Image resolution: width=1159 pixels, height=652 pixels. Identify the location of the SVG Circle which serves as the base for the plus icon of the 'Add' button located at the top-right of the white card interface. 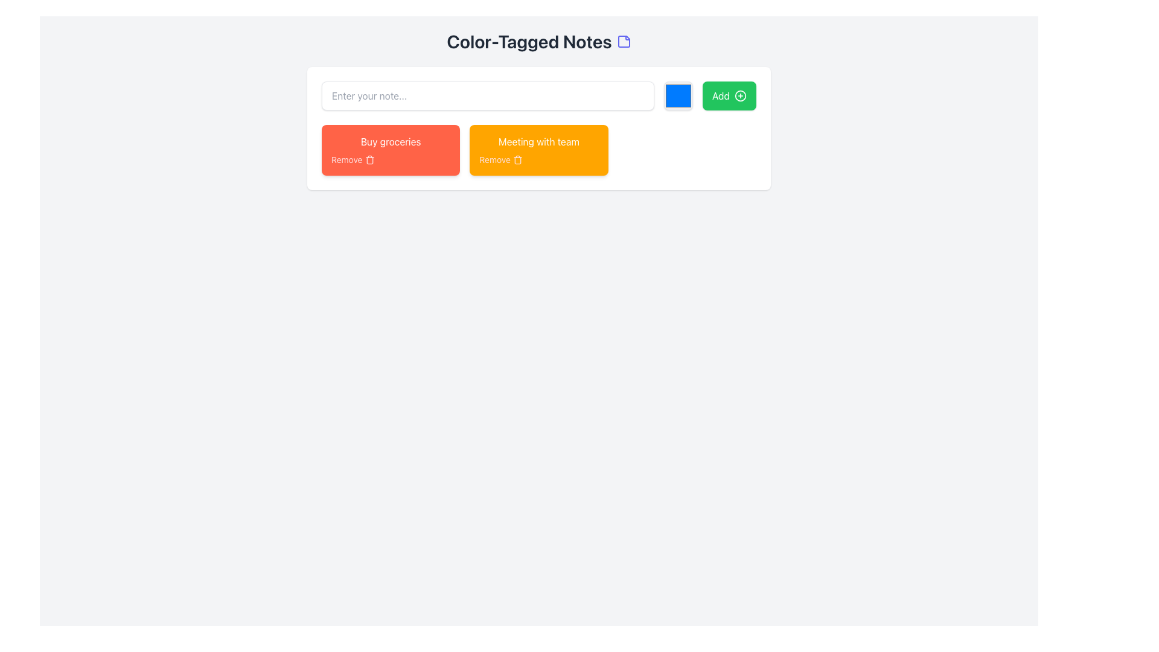
(740, 95).